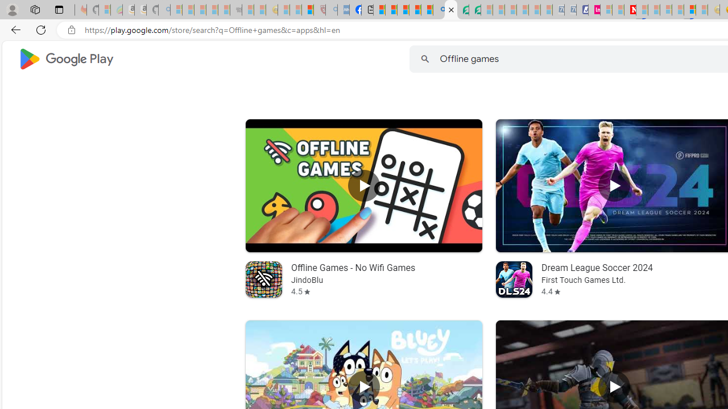  What do you see at coordinates (59, 9) in the screenshot?
I see `'Tab actions menu'` at bounding box center [59, 9].